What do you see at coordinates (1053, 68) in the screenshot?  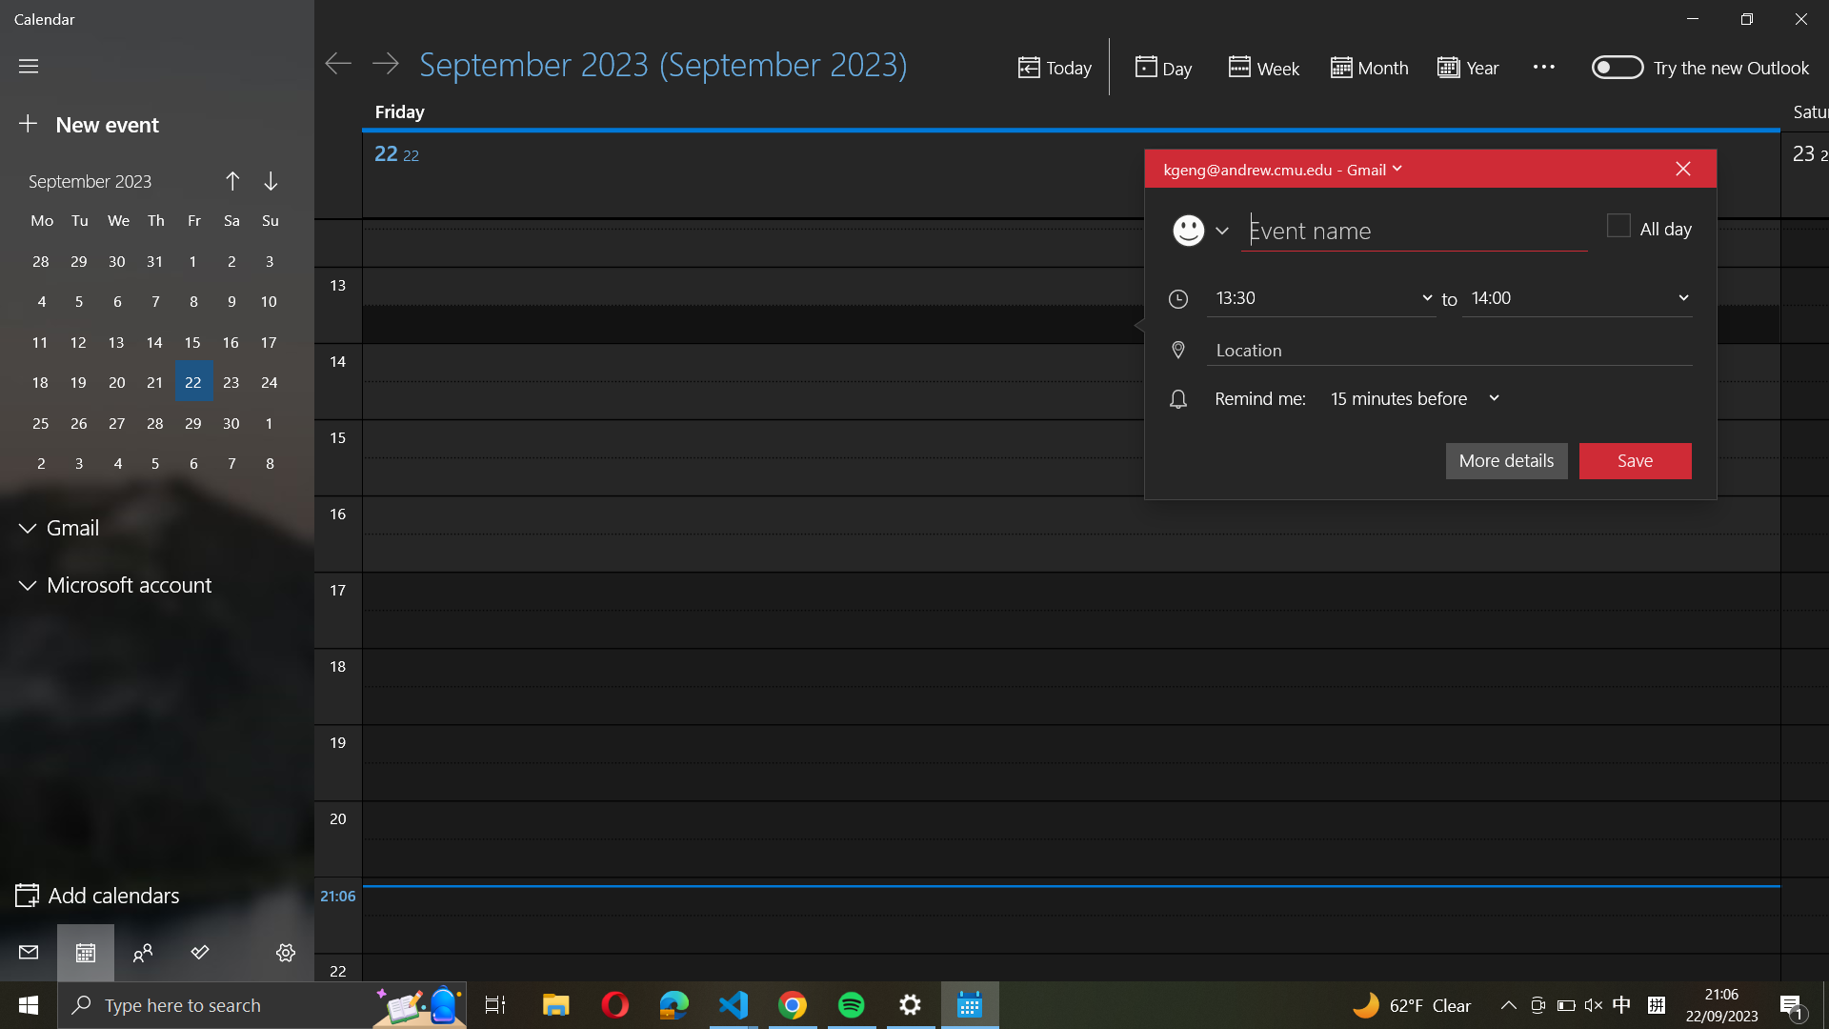 I see `the current day on the calendar` at bounding box center [1053, 68].